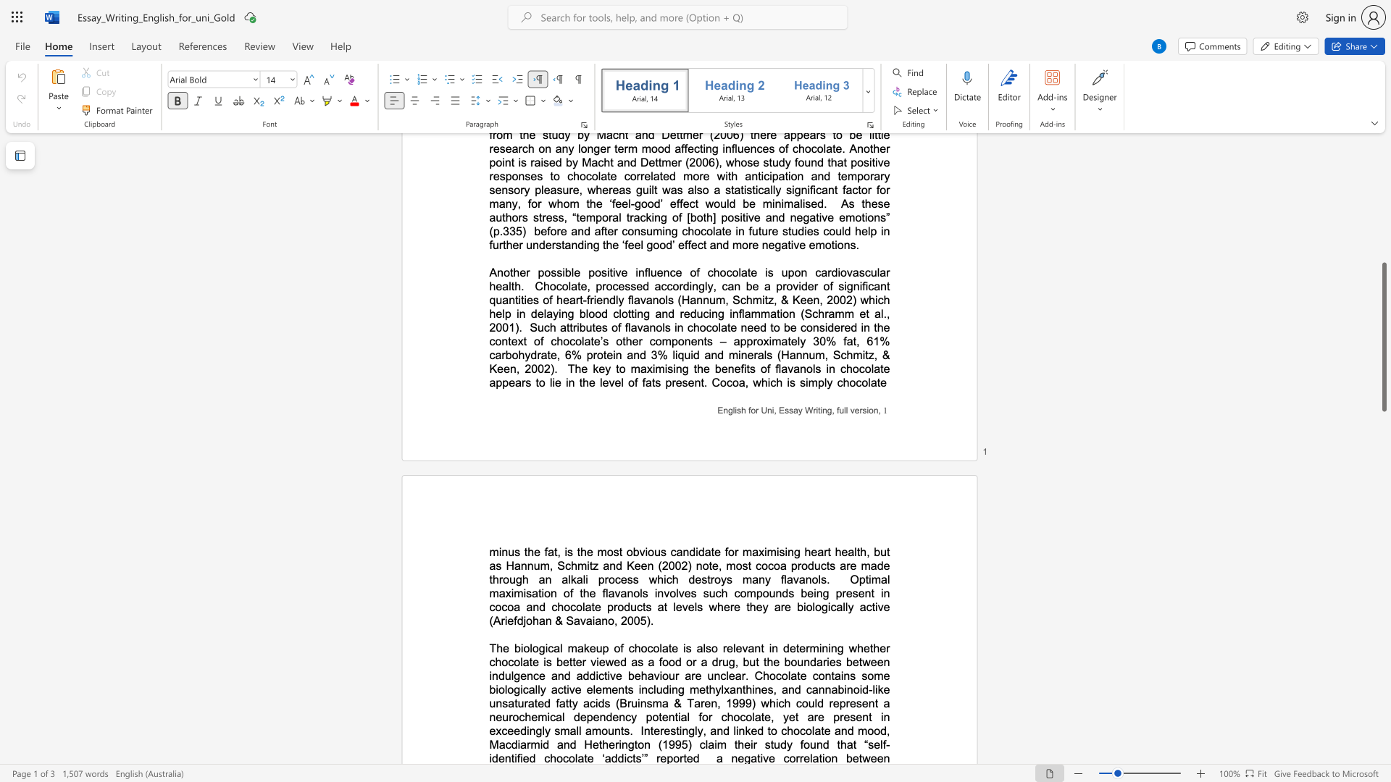 The height and width of the screenshot is (782, 1391). What do you see at coordinates (1383, 337) in the screenshot?
I see `the scrollbar and move up 600 pixels` at bounding box center [1383, 337].